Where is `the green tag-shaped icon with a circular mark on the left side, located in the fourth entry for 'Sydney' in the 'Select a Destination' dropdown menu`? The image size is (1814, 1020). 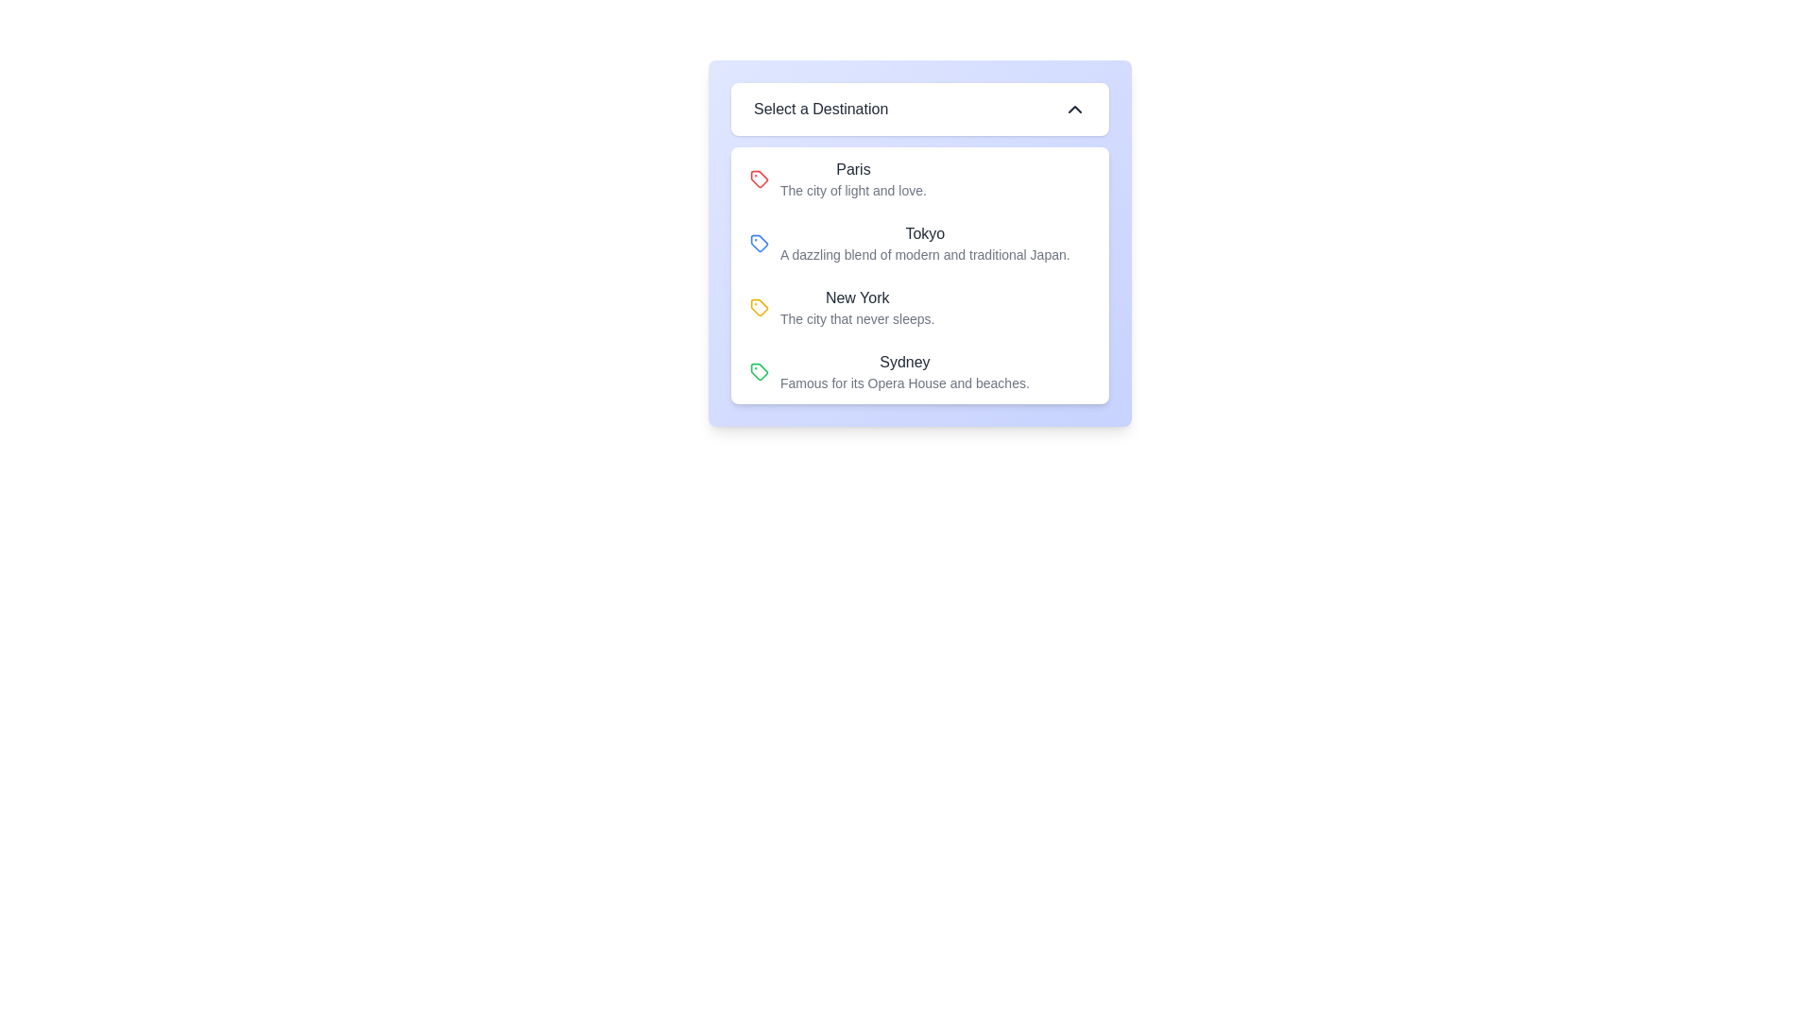 the green tag-shaped icon with a circular mark on the left side, located in the fourth entry for 'Sydney' in the 'Select a Destination' dropdown menu is located at coordinates (760, 371).